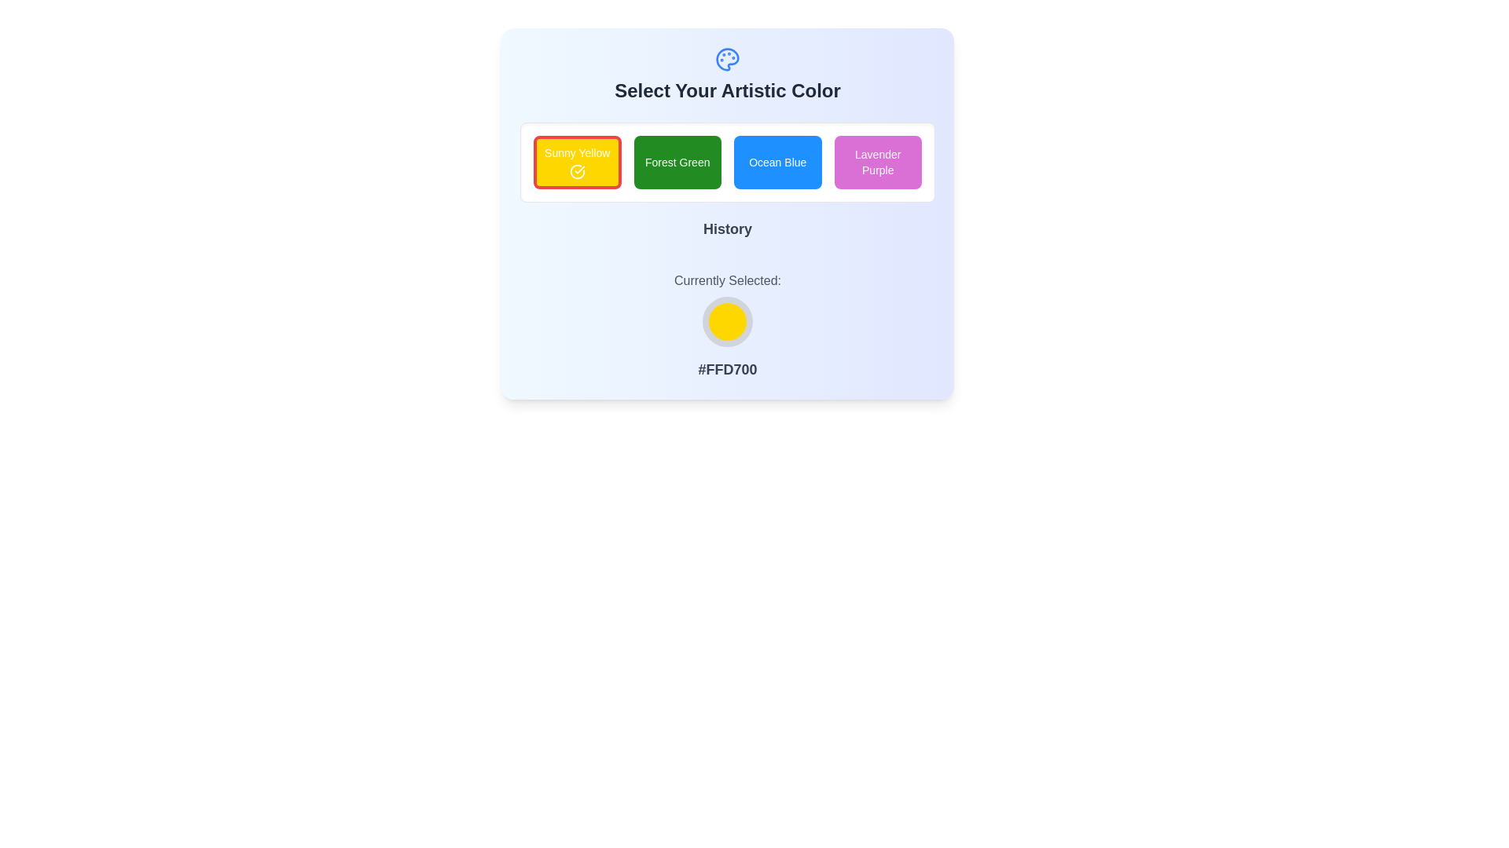 The width and height of the screenshot is (1509, 848). What do you see at coordinates (877, 163) in the screenshot?
I see `the rectangular button with a lavender purple background and white text reading 'Lavender Purple' to trigger visual feedback` at bounding box center [877, 163].